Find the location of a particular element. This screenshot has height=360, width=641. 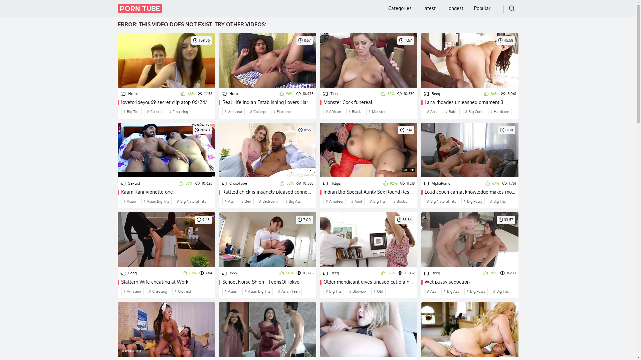

'Aunt' is located at coordinates (356, 201).